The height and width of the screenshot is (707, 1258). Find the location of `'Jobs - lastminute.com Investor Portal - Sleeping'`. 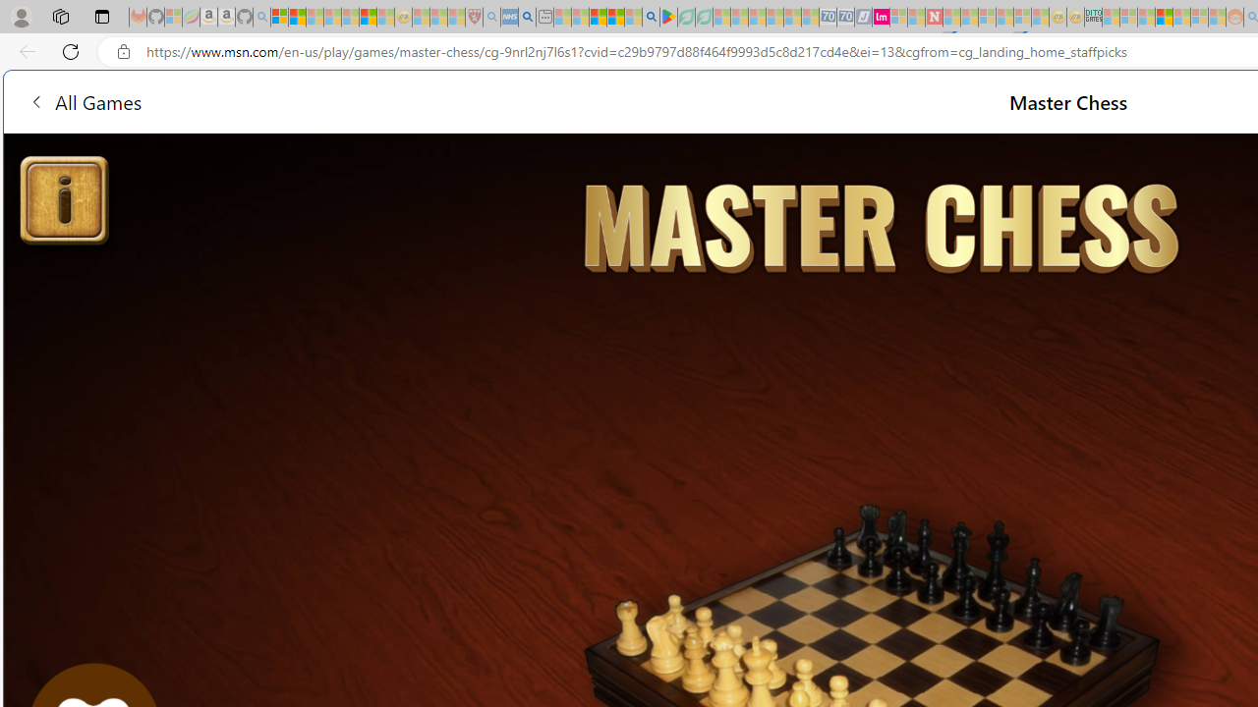

'Jobs - lastminute.com Investor Portal - Sleeping' is located at coordinates (880, 17).